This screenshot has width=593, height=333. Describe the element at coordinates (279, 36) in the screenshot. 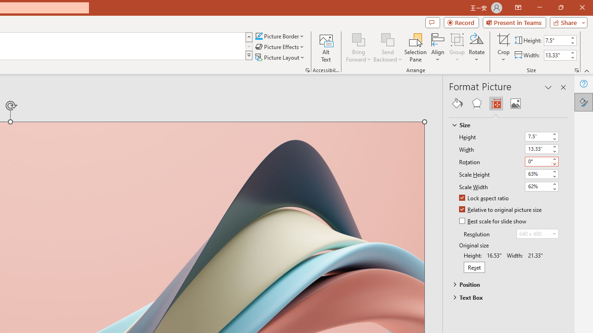

I see `'Picture Border'` at that location.